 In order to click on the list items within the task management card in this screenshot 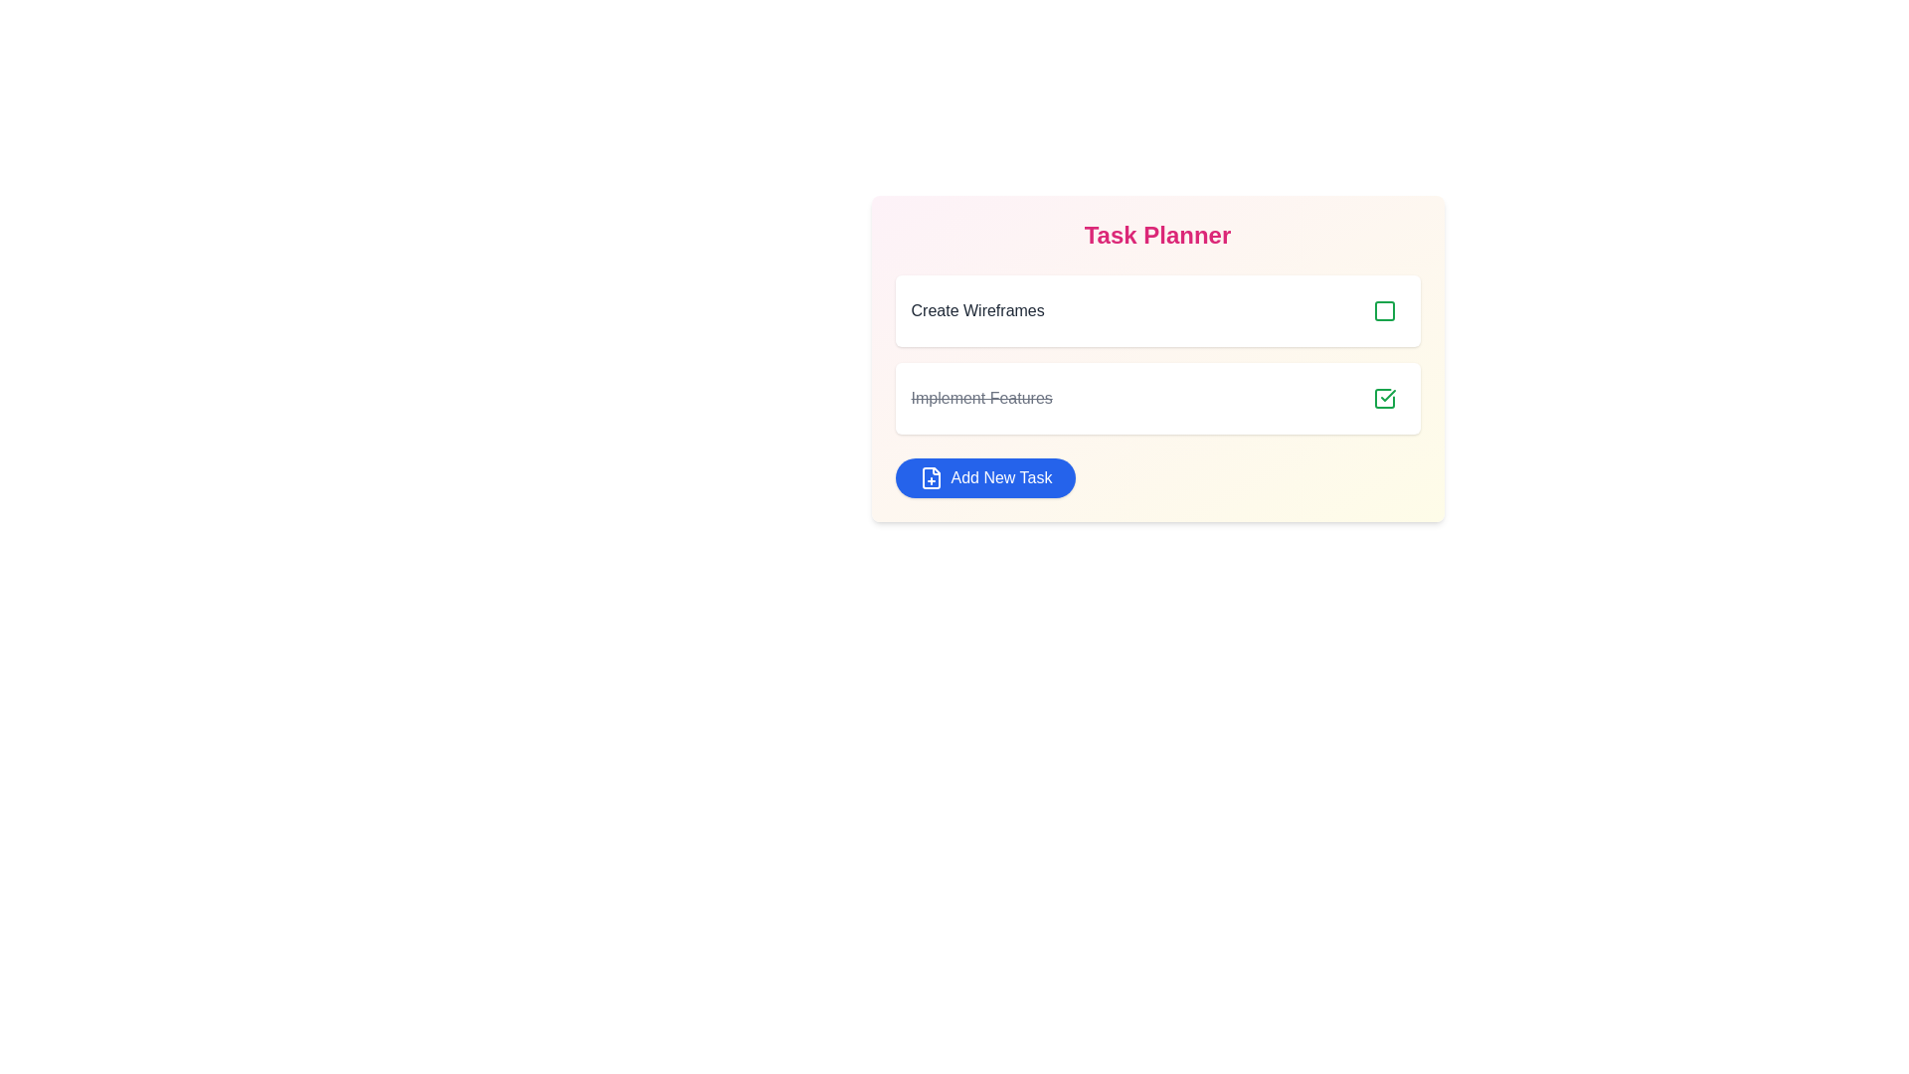, I will do `click(1157, 359)`.